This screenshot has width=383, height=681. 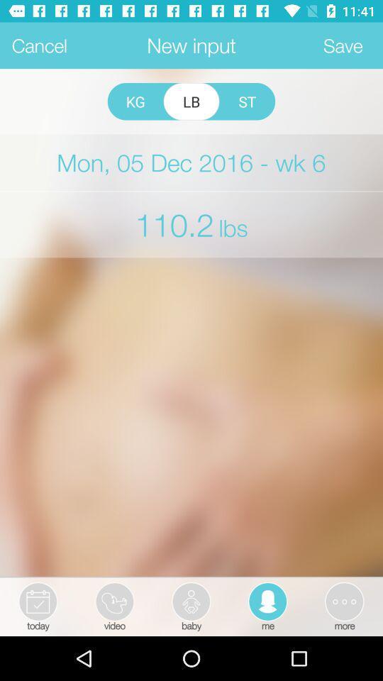 I want to click on the kg icon, so click(x=135, y=101).